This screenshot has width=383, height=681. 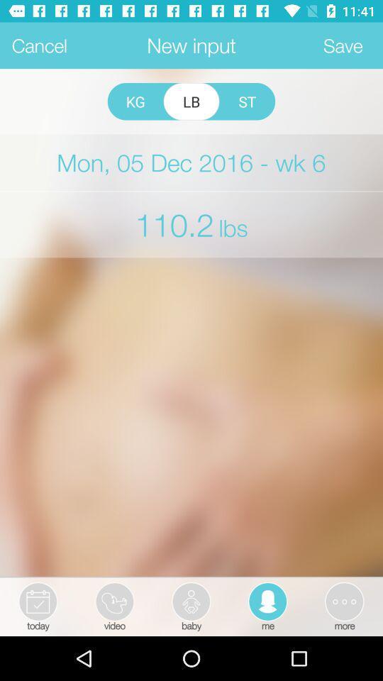 I want to click on the kg icon, so click(x=135, y=101).